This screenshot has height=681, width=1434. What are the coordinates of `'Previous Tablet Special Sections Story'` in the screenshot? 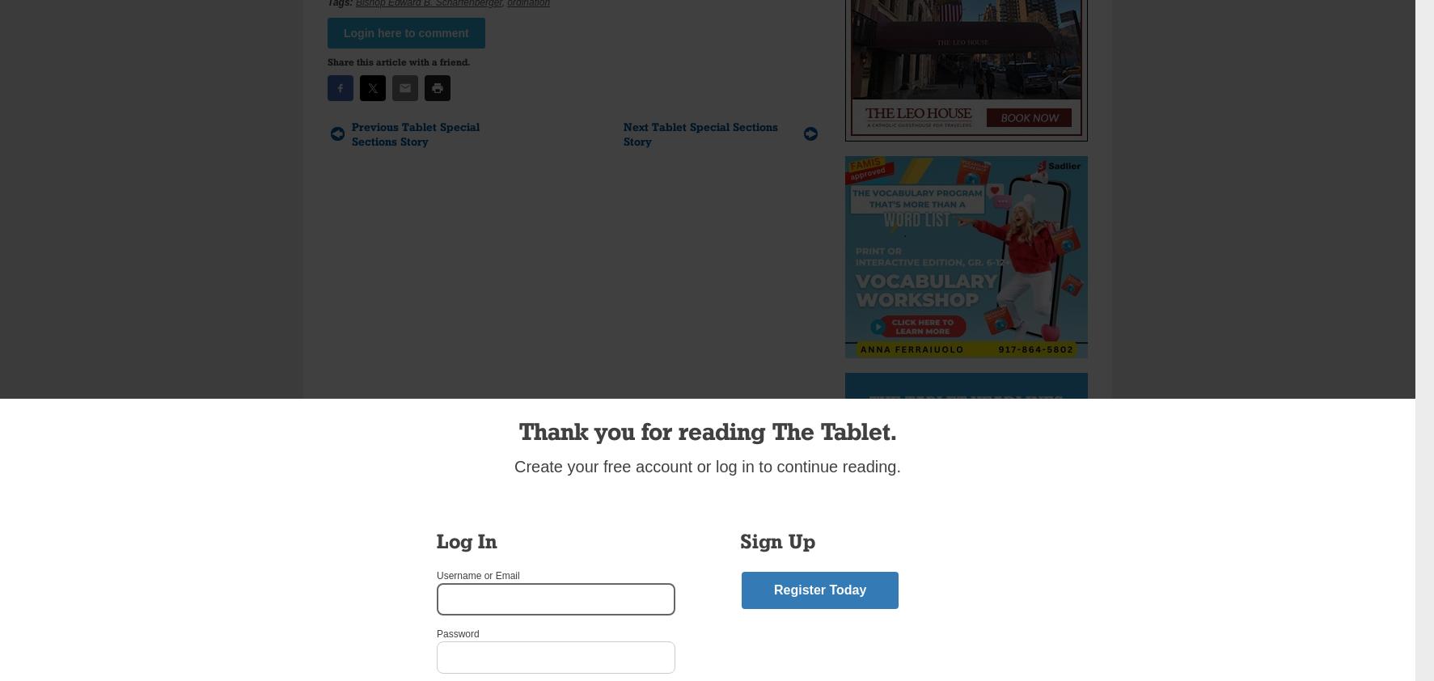 It's located at (415, 133).